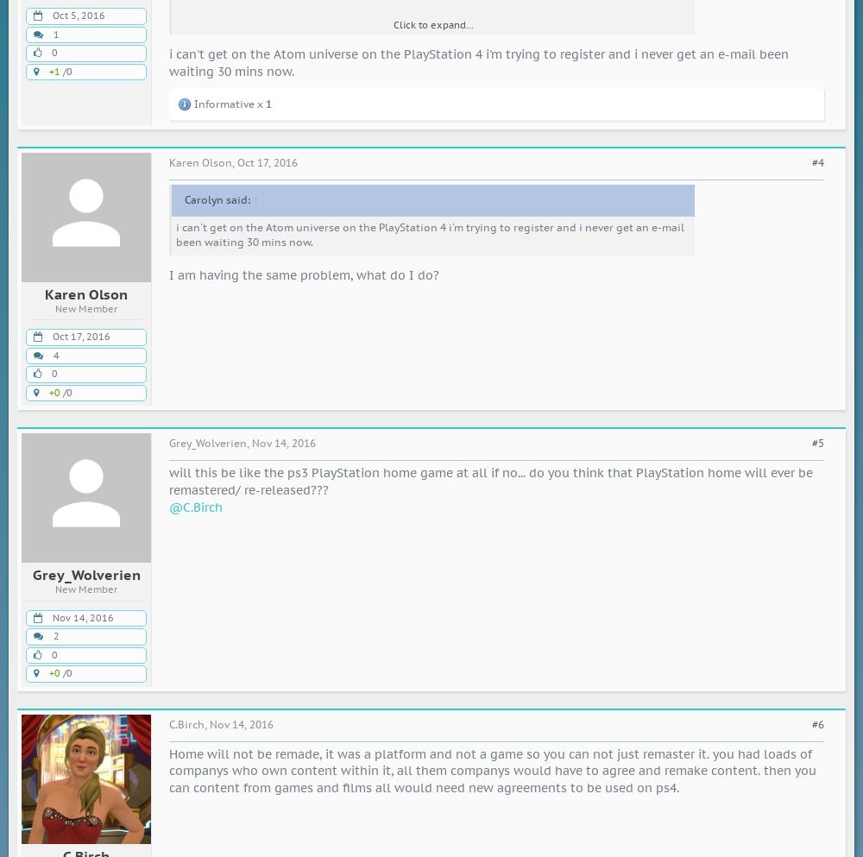  What do you see at coordinates (54, 70) in the screenshot?
I see `'+1'` at bounding box center [54, 70].